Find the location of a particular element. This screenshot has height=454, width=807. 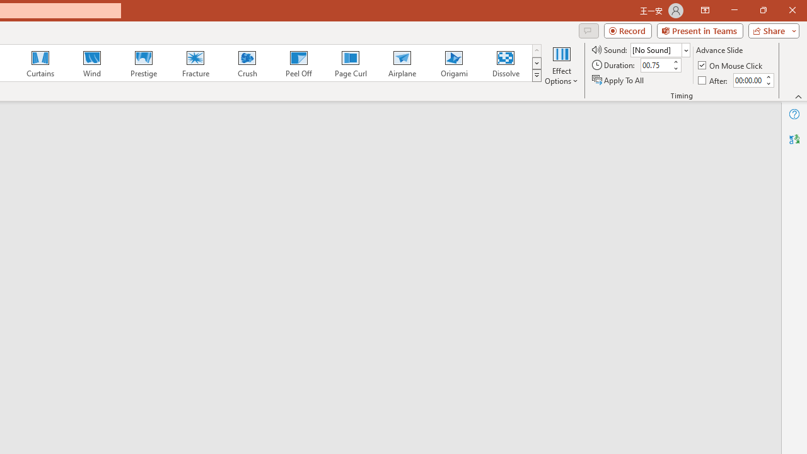

'Apply To All' is located at coordinates (618, 80).